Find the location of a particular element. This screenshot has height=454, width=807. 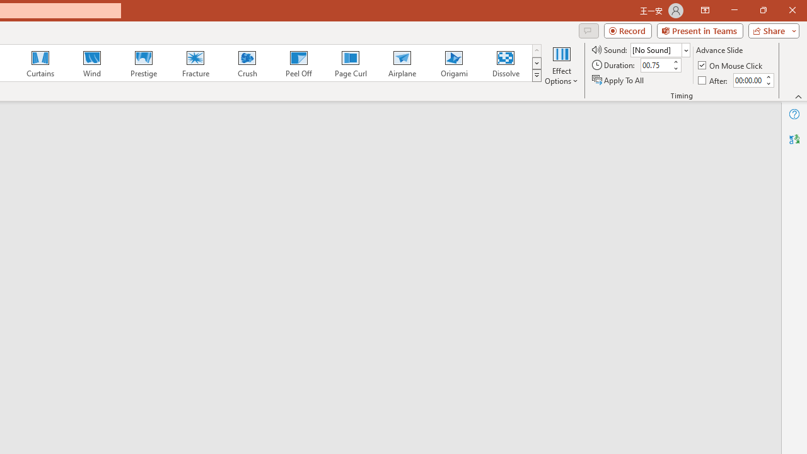

'Apply To All' is located at coordinates (618, 80).